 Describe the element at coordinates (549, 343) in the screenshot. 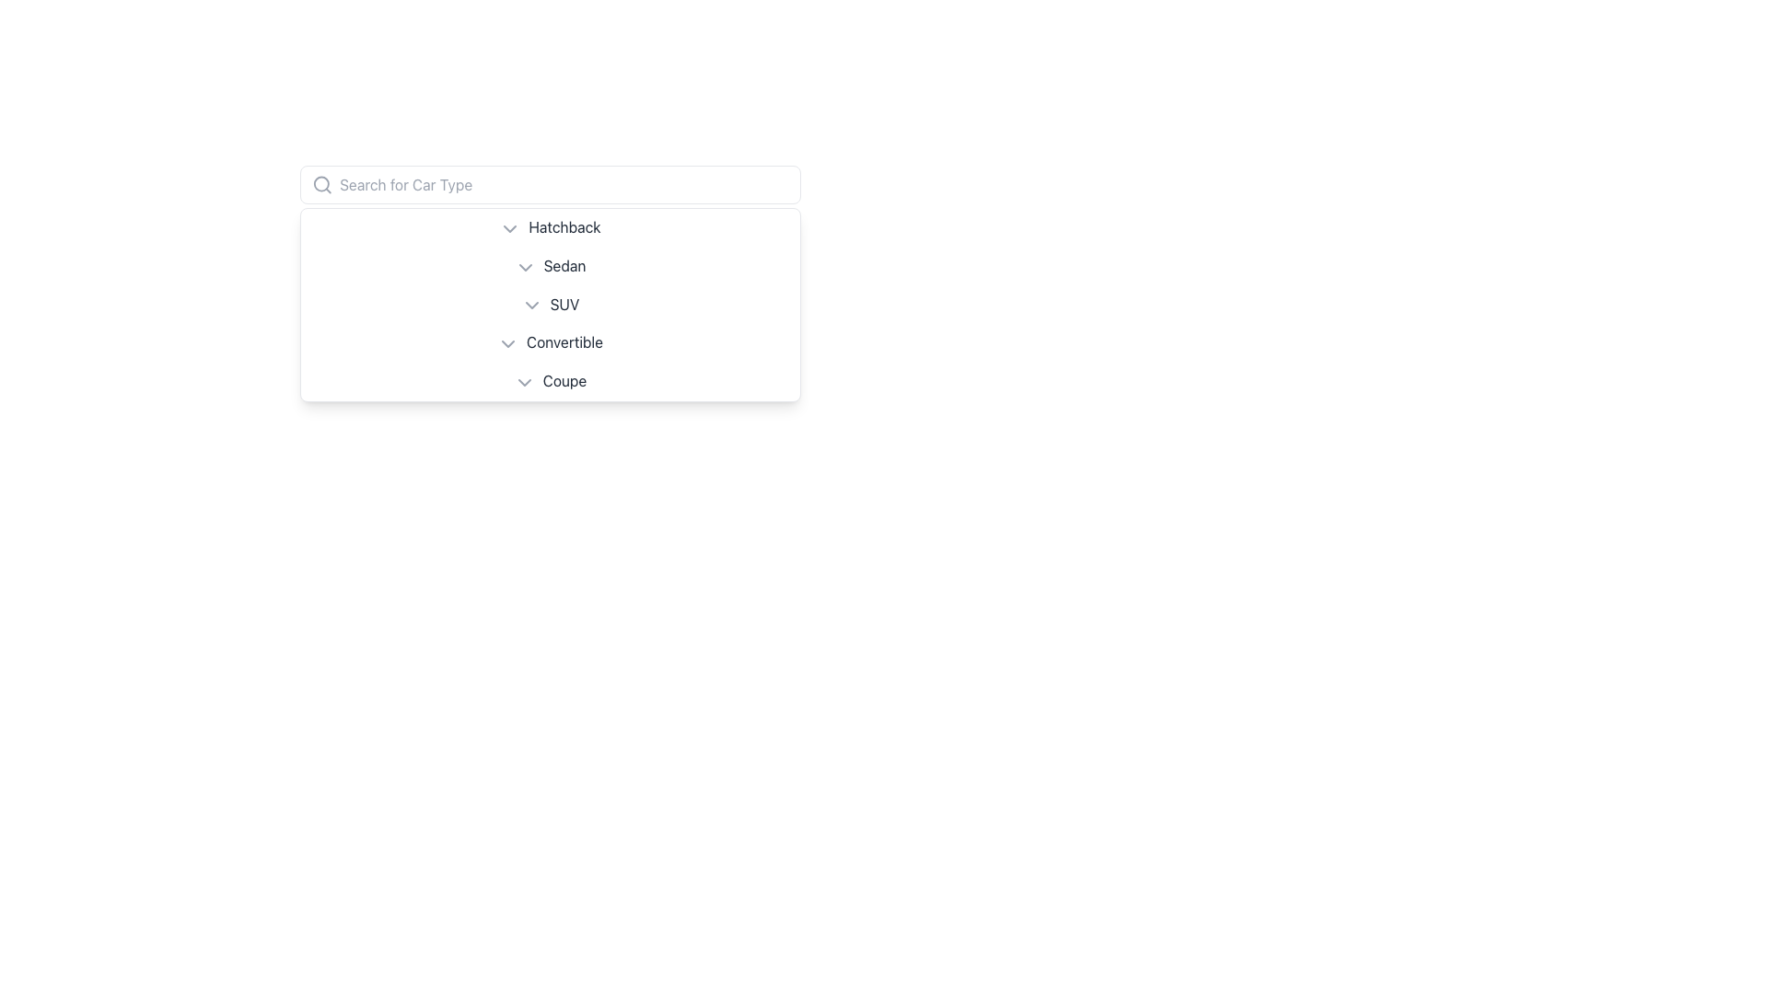

I see `the fourth item in the dropdown menu labeled 'Search for Car Type'` at that location.